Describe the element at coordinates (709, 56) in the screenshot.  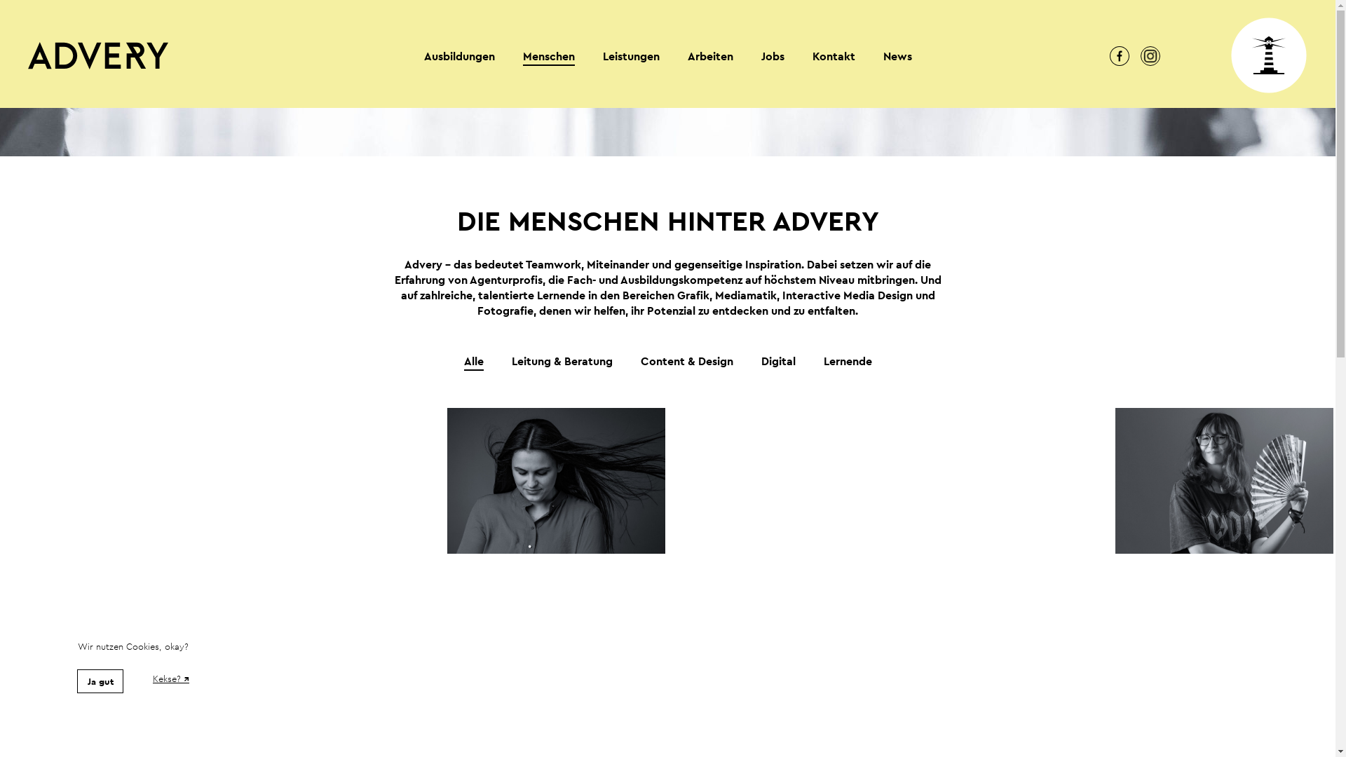
I see `'Arbeiten'` at that location.